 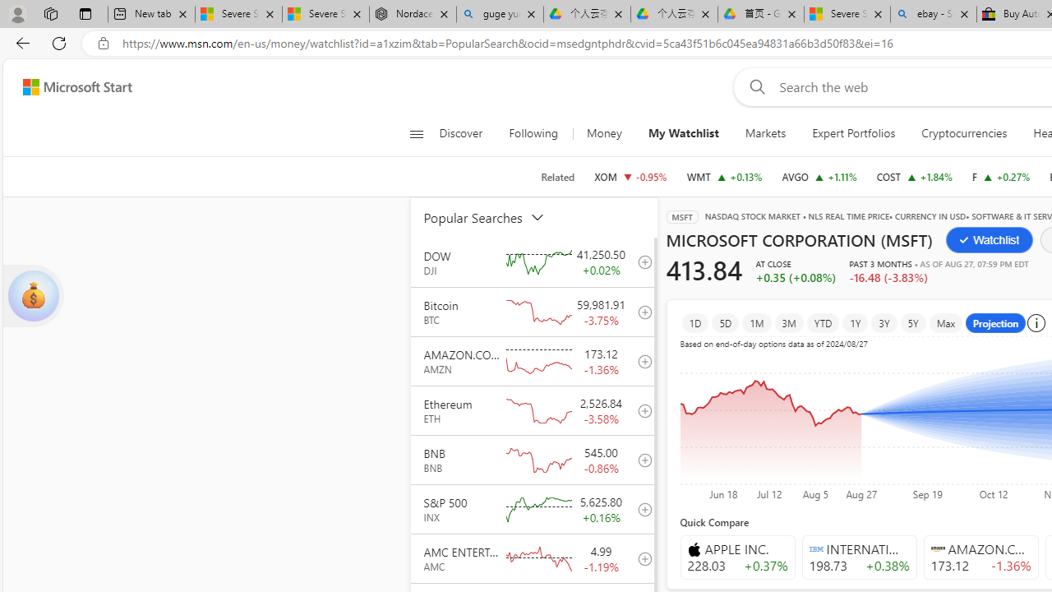 I want to click on '1D', so click(x=695, y=322).